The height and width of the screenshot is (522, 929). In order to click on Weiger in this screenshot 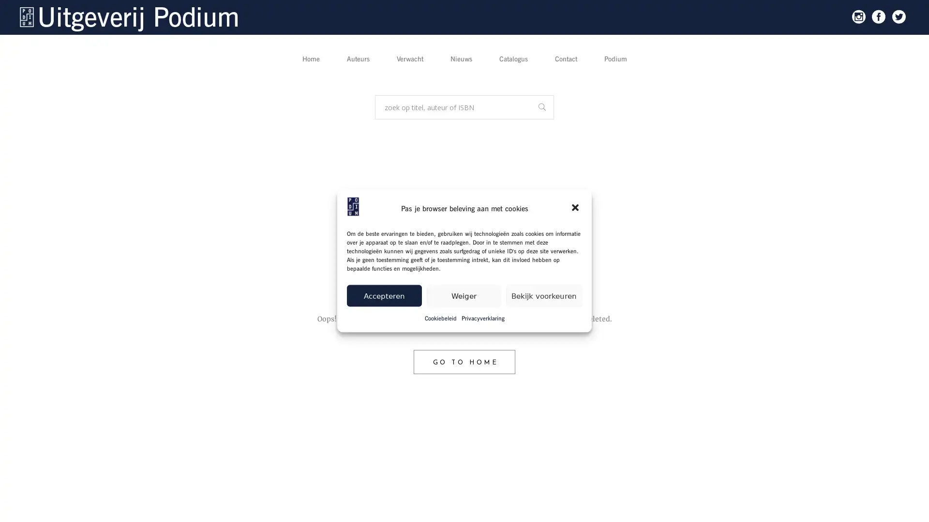, I will do `click(463, 295)`.